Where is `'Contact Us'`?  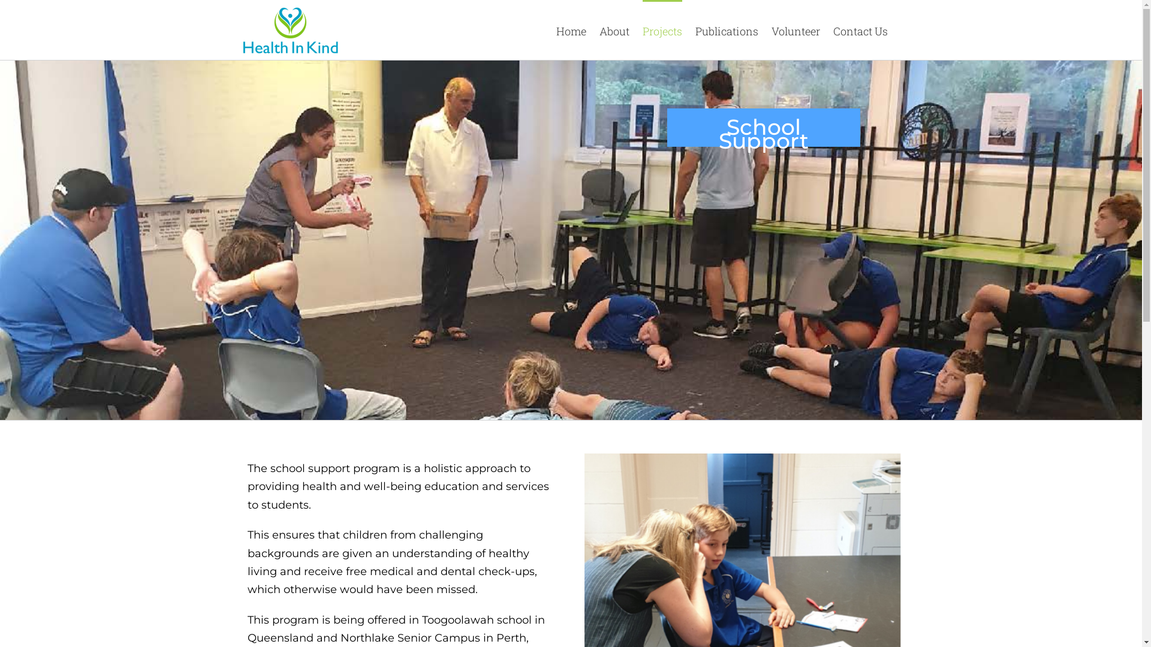
'Contact Us' is located at coordinates (860, 29).